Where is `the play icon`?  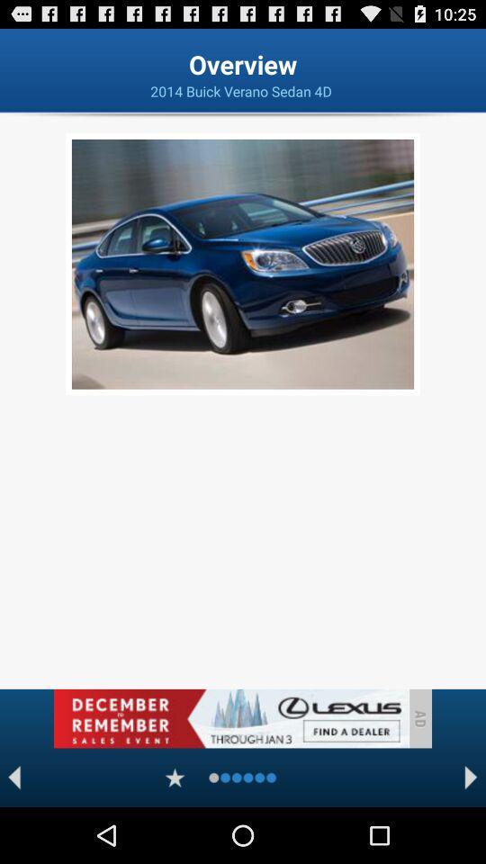 the play icon is located at coordinates (471, 832).